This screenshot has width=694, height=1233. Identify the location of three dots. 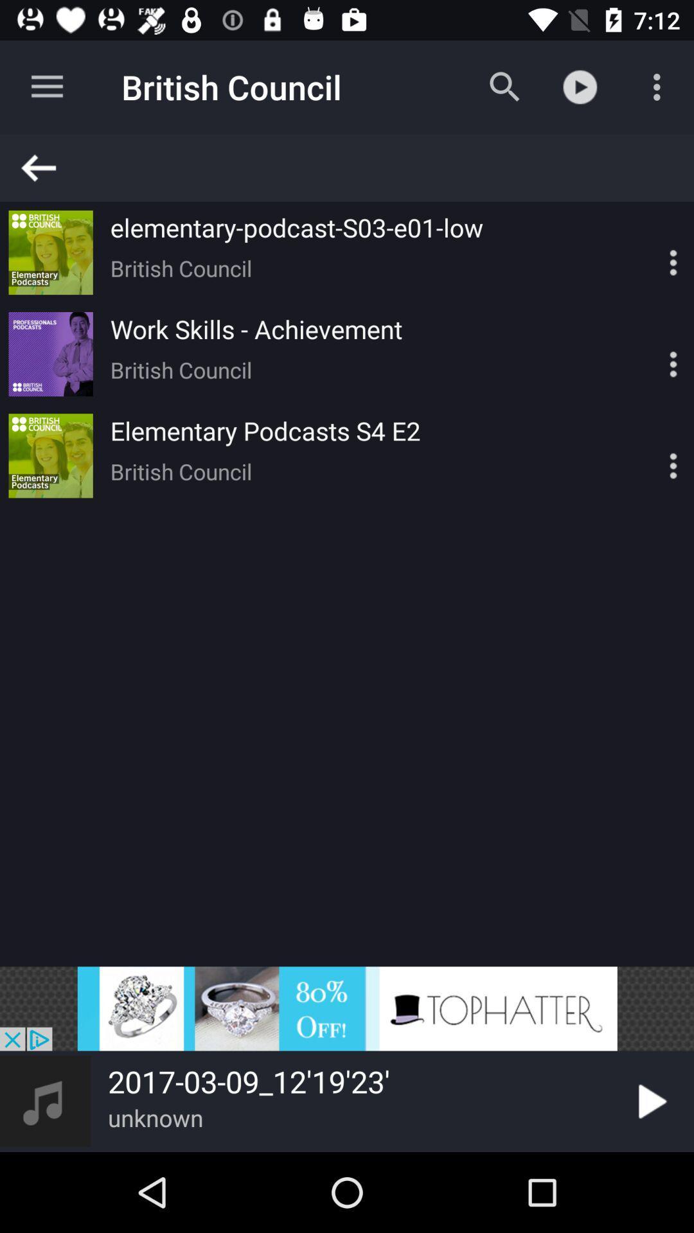
(651, 252).